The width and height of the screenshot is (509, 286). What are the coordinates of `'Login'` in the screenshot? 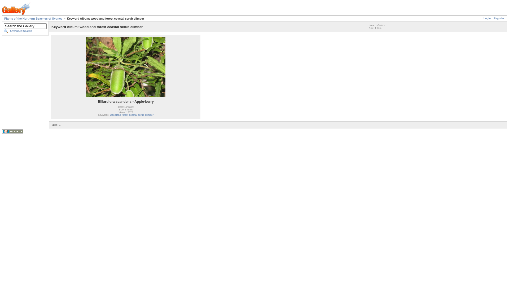 It's located at (487, 18).